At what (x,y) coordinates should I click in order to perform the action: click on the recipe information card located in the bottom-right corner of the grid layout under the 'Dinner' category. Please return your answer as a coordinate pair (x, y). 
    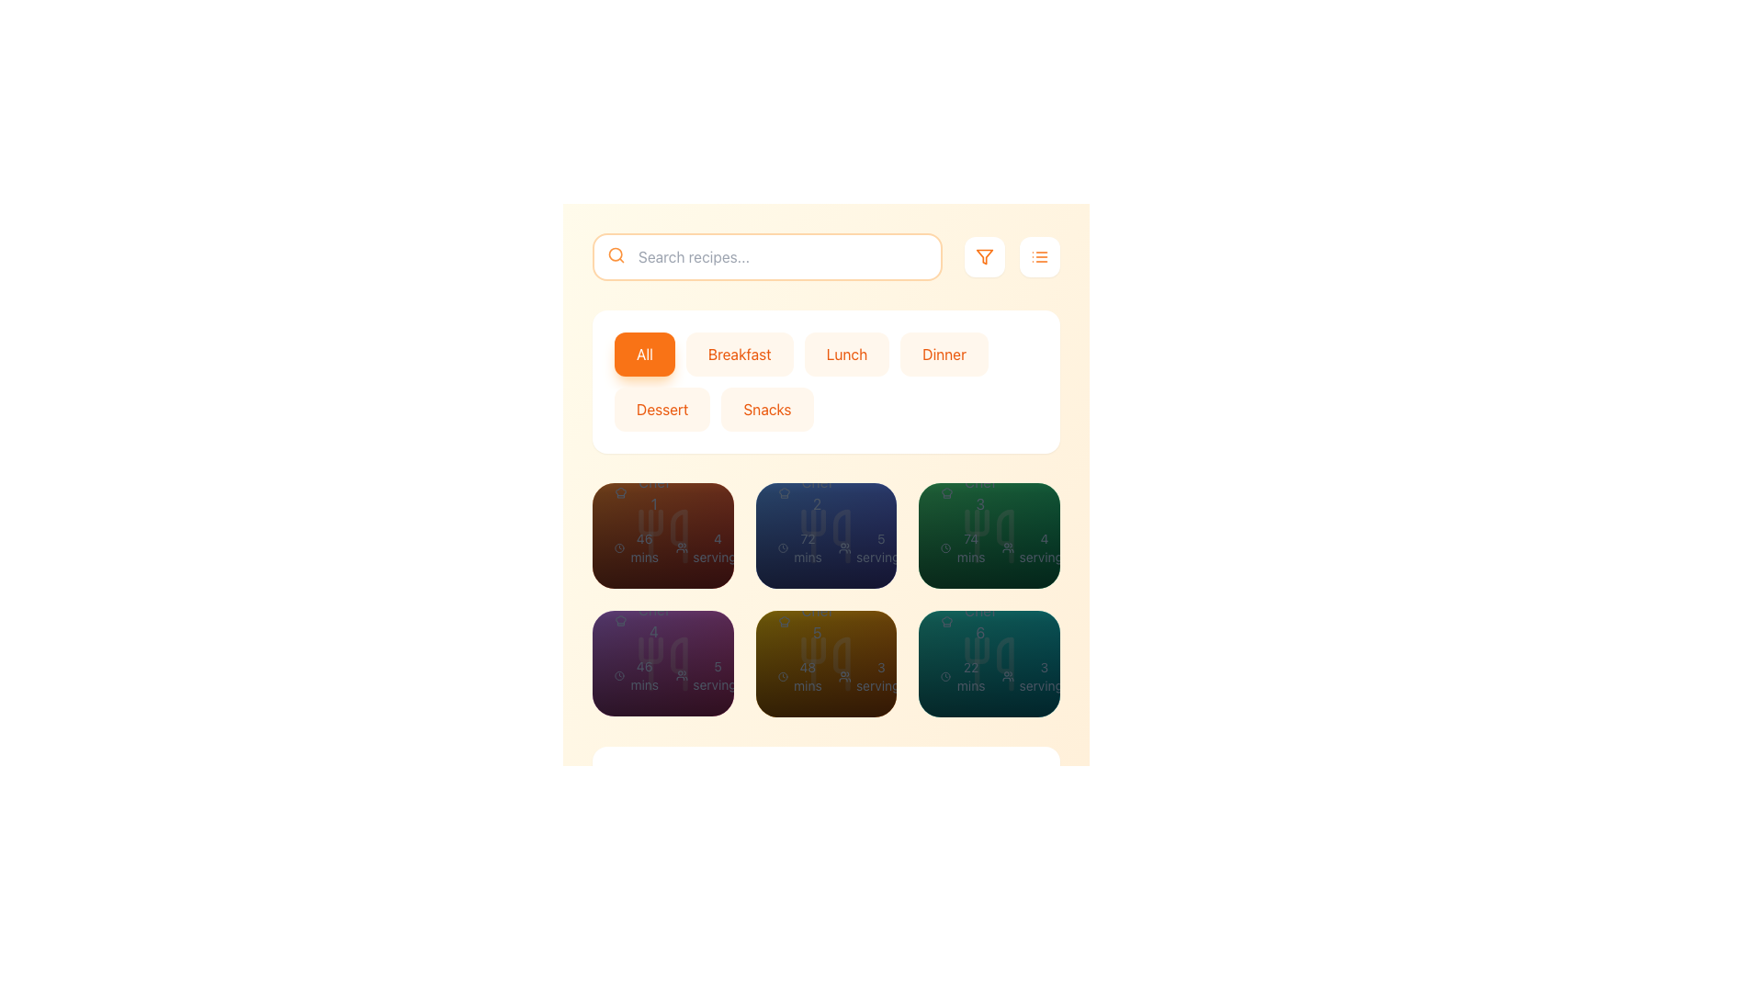
    Looking at the image, I should click on (989, 492).